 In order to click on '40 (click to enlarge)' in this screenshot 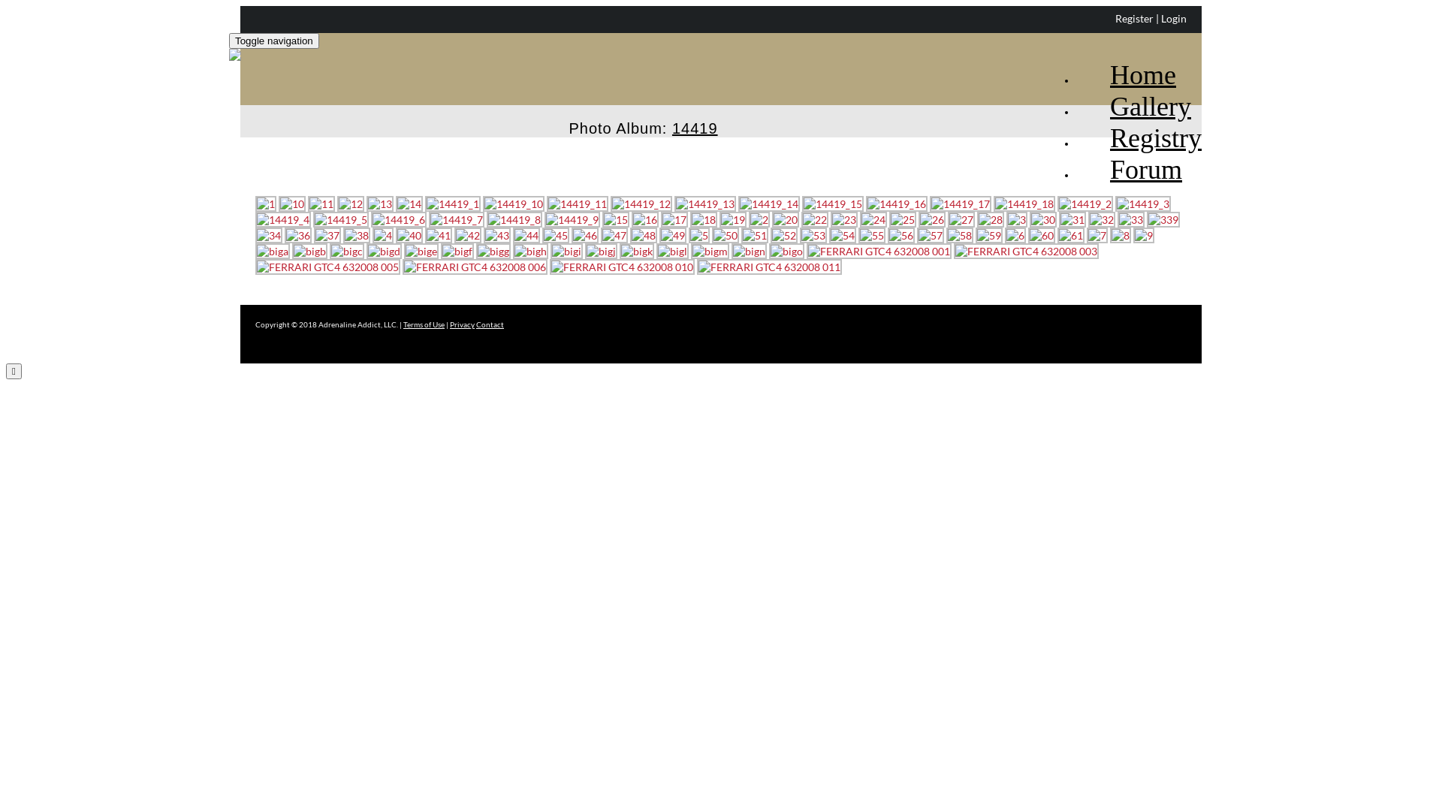, I will do `click(409, 235)`.